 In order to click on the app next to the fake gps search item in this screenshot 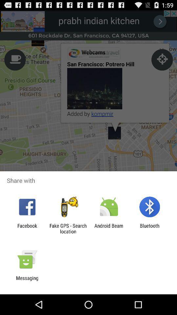, I will do `click(27, 228)`.